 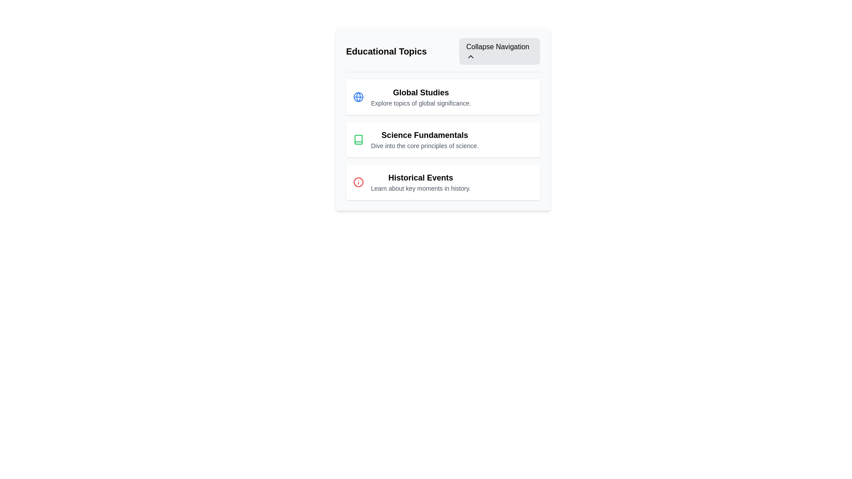 I want to click on the Circle element in the SVG graphic that indicates information related to 'Historical Events', so click(x=358, y=182).